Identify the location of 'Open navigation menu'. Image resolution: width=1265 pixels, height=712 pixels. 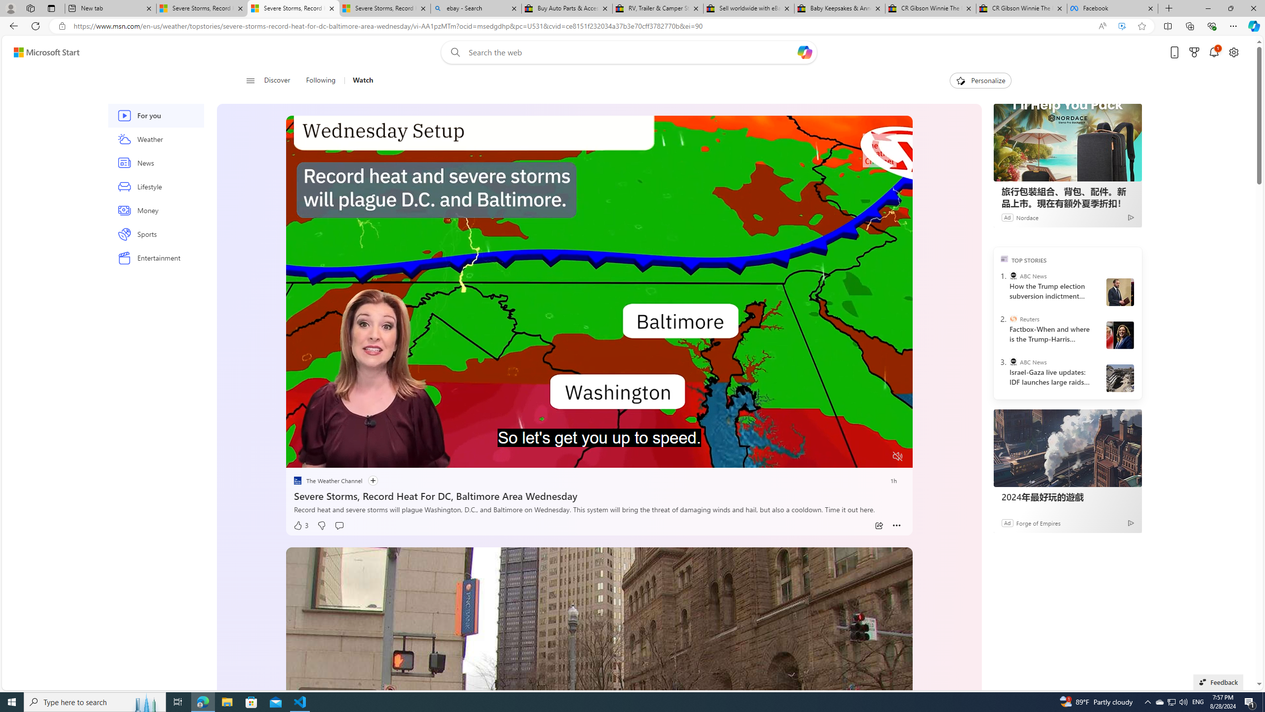
(250, 80).